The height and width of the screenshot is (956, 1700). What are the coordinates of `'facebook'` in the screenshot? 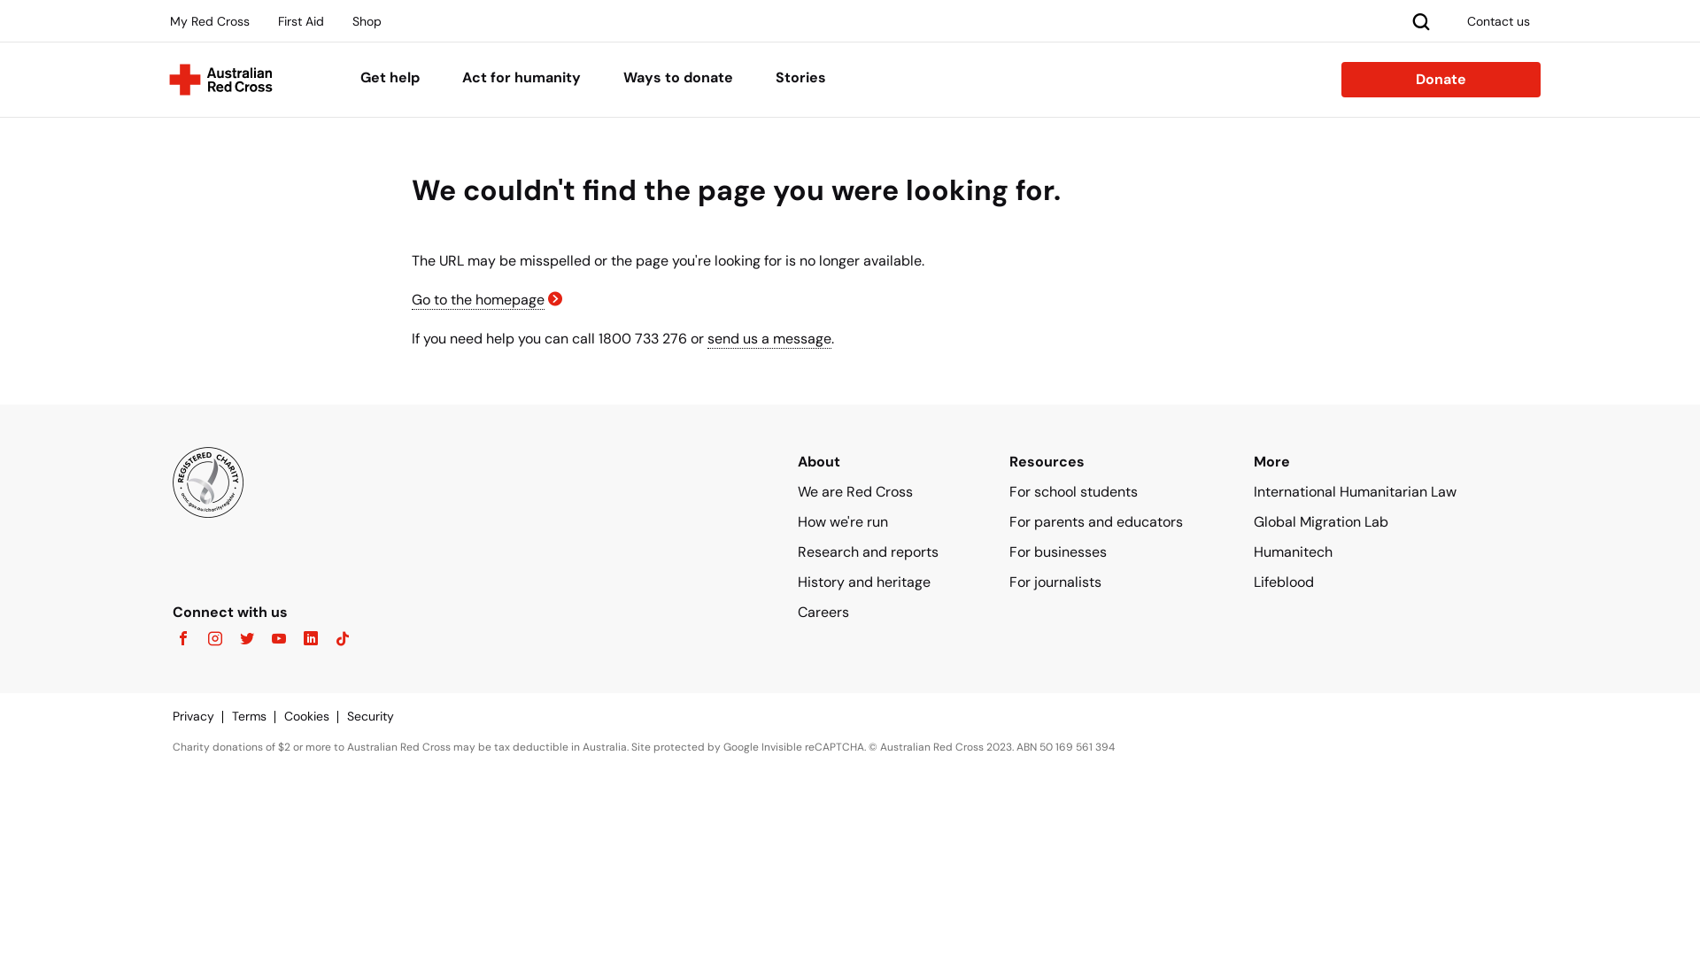 It's located at (182, 639).